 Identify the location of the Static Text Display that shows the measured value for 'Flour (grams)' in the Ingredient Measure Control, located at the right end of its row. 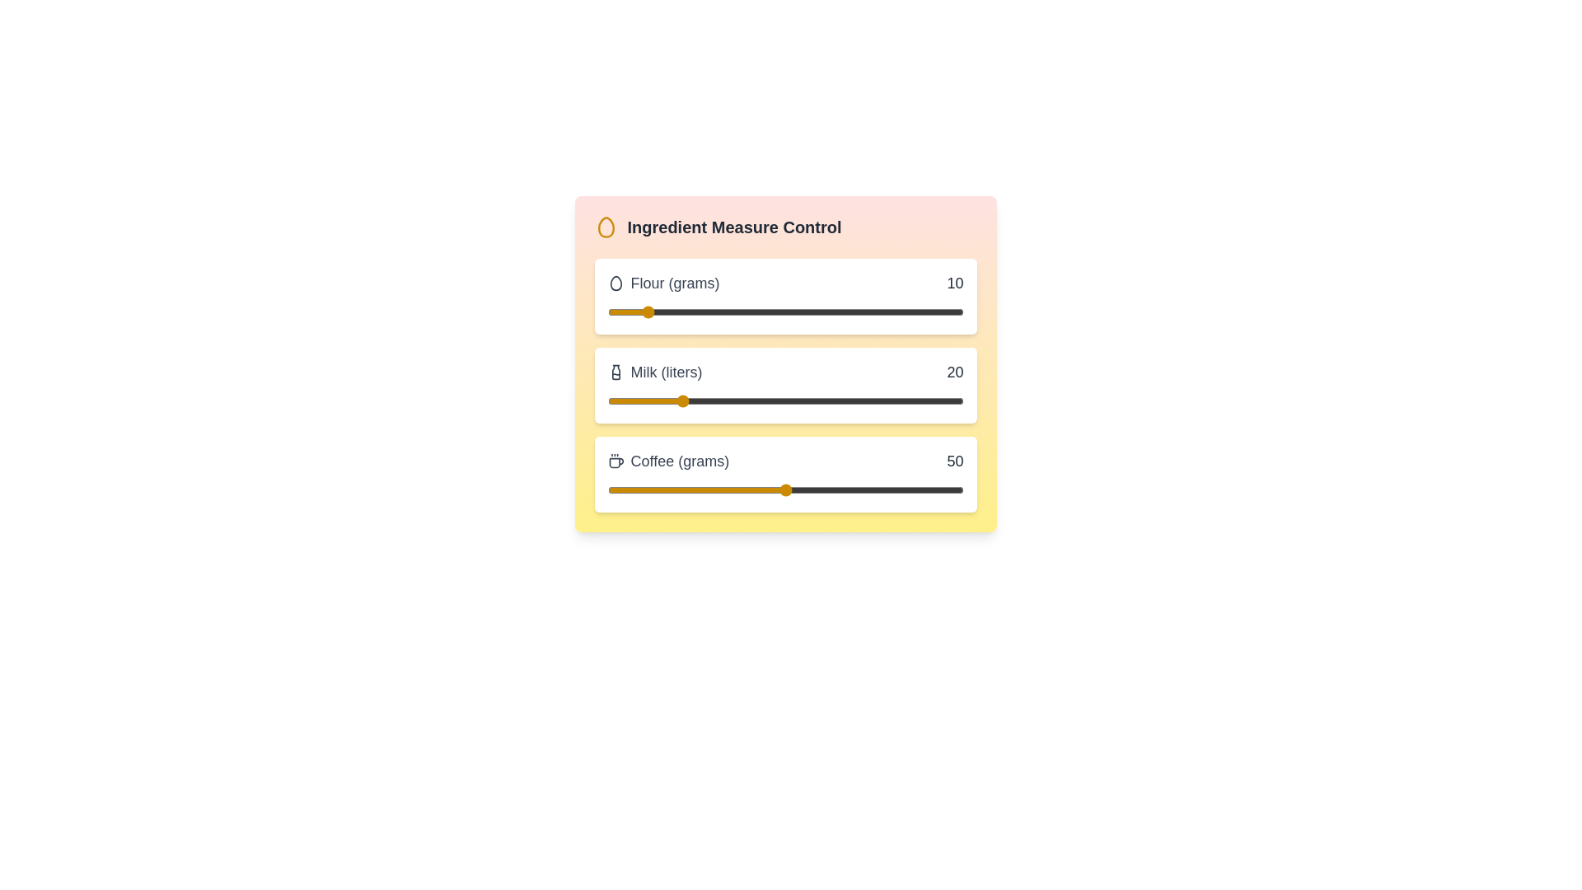
(955, 282).